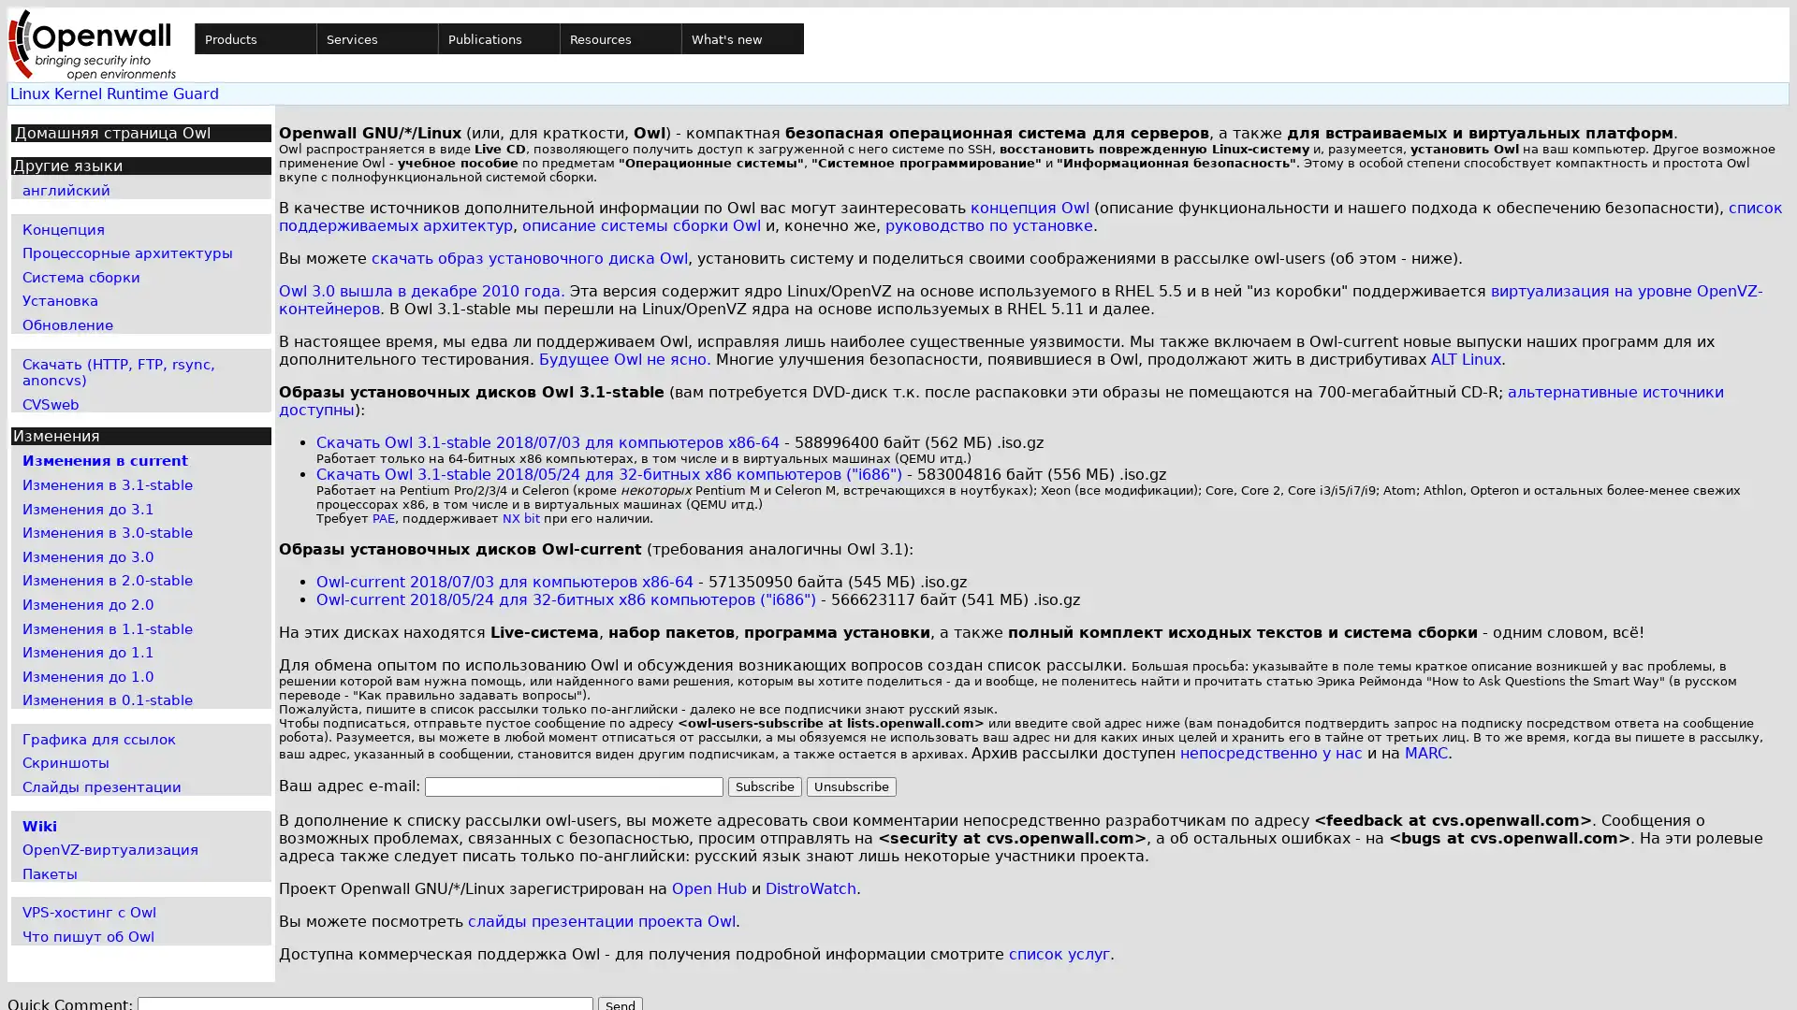 The width and height of the screenshot is (1797, 1010). I want to click on Subscribe, so click(764, 786).